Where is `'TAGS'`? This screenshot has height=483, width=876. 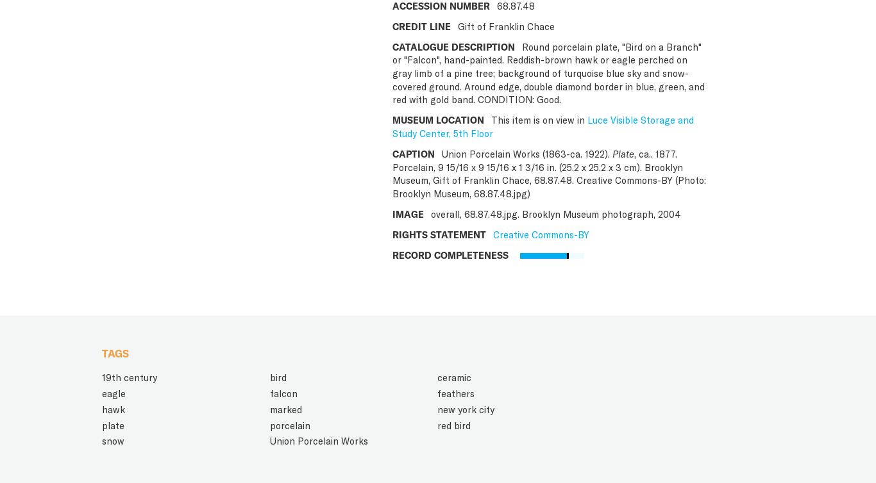
'TAGS' is located at coordinates (101, 354).